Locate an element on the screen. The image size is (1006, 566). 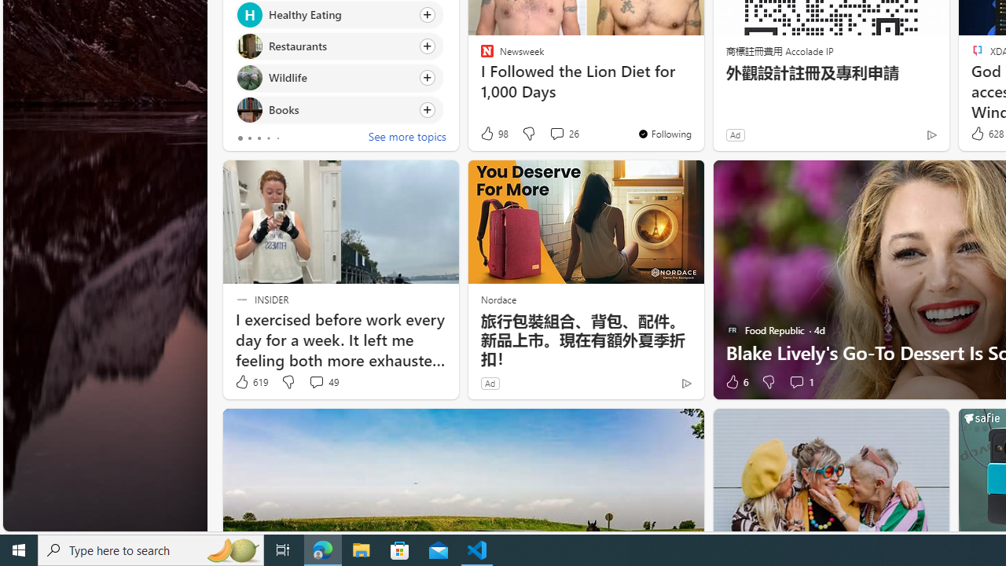
'619 Like' is located at coordinates (250, 382).